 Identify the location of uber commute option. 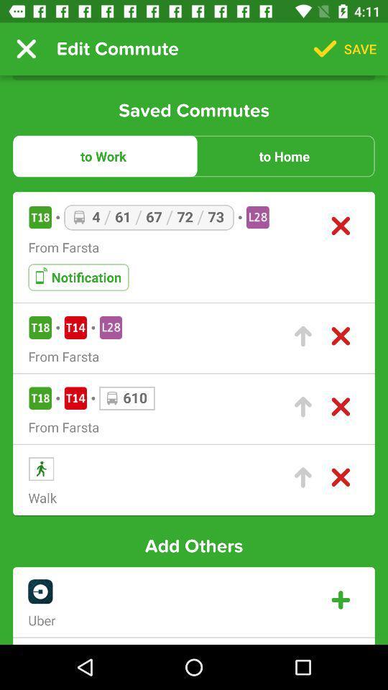
(340, 600).